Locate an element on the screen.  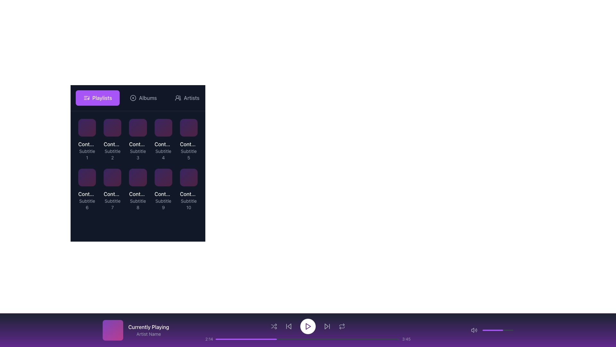
the related content by clicking on the text label 'Content Title 7', which is located in the lower row of items, second from the left, above 'Subtitle 7' is located at coordinates (112, 194).